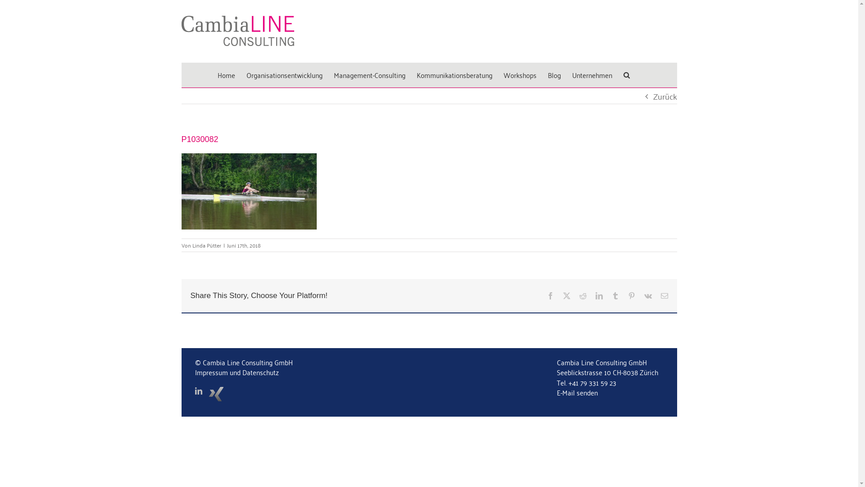  What do you see at coordinates (626, 74) in the screenshot?
I see `'Suche'` at bounding box center [626, 74].